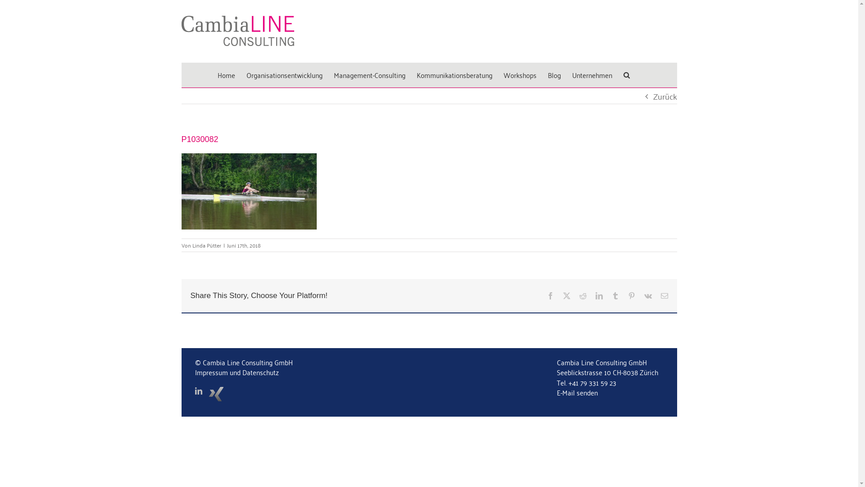  What do you see at coordinates (626, 74) in the screenshot?
I see `'Suche'` at bounding box center [626, 74].